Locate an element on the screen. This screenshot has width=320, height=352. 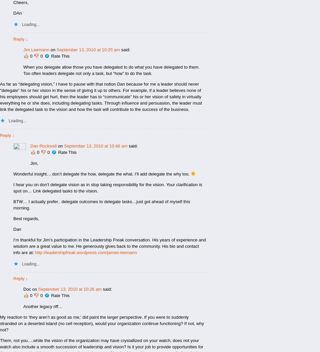
'My reaction to ‘they aren’t as good as me,’ did paint the larger perspective.  If you were to suddenly stranded on a deserted island (no cell reception), would your organization continue functioning? If not, why not?' is located at coordinates (102, 323).